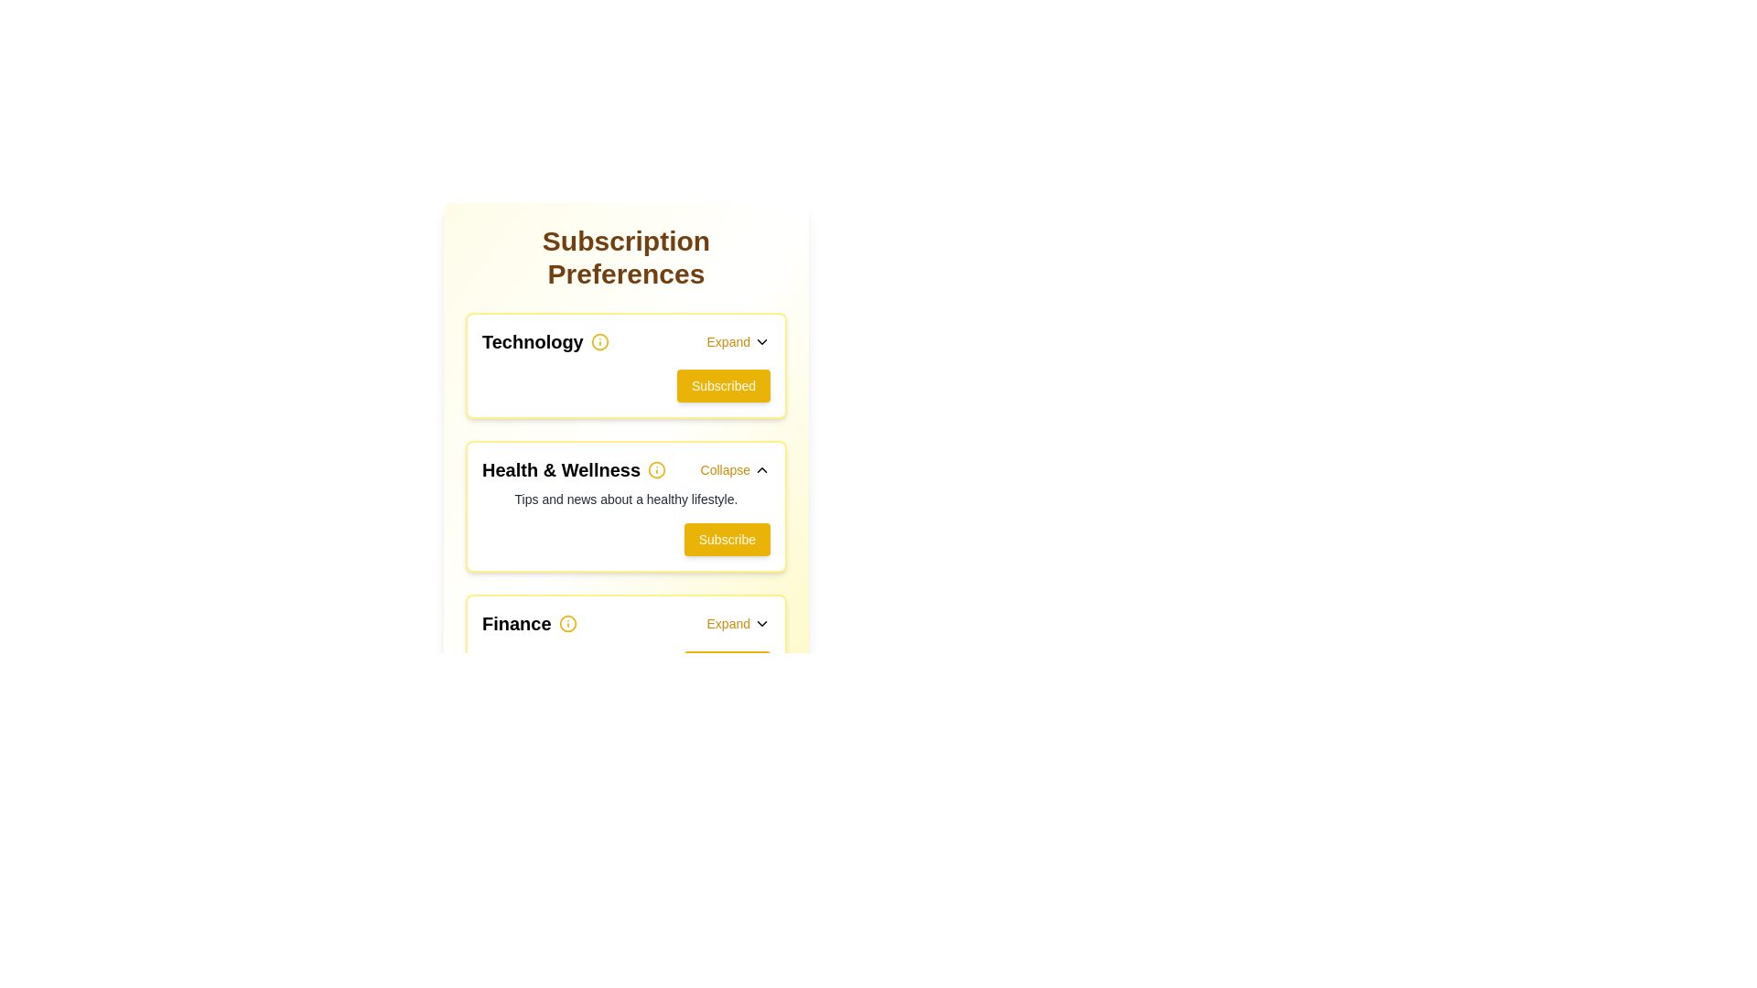 This screenshot has width=1757, height=988. I want to click on the small golden yellow outlined circle within the 'Technology' informational icon, which is positioned at the top of the subscription categories, so click(599, 342).